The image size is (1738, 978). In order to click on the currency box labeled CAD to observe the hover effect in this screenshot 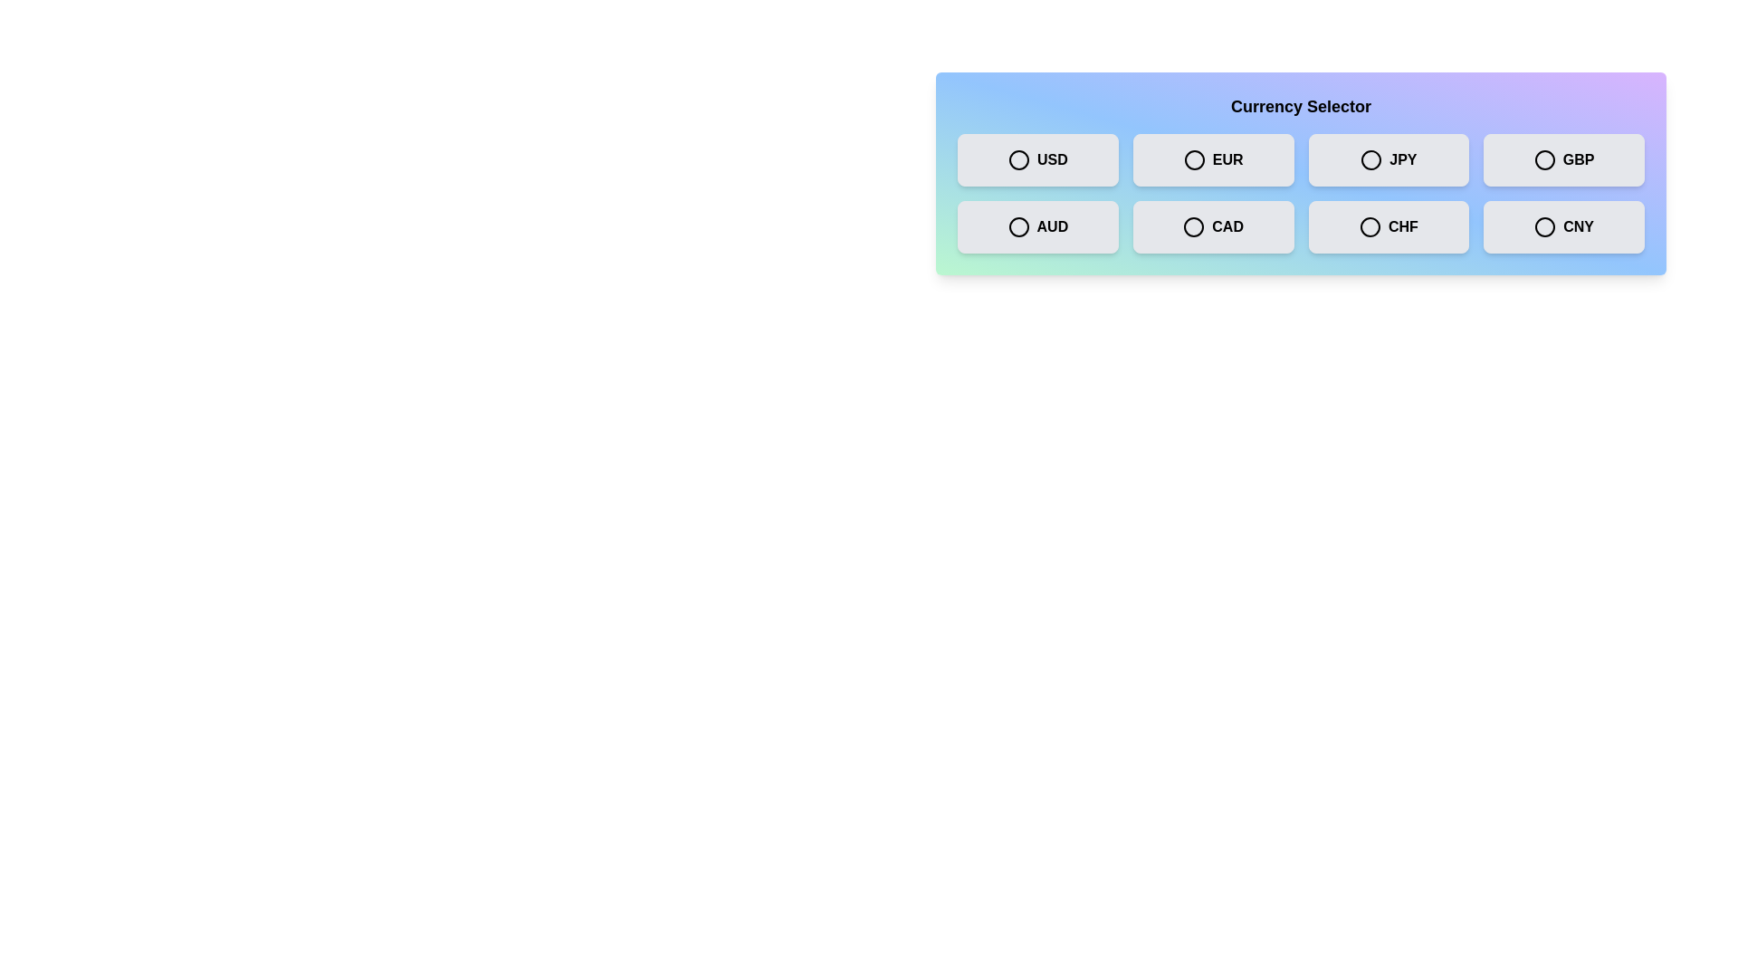, I will do `click(1213, 225)`.